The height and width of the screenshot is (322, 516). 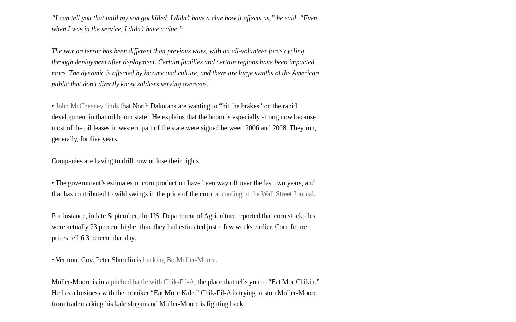 What do you see at coordinates (126, 160) in the screenshot?
I see `'Companies are having to drill now or lose their rights.'` at bounding box center [126, 160].